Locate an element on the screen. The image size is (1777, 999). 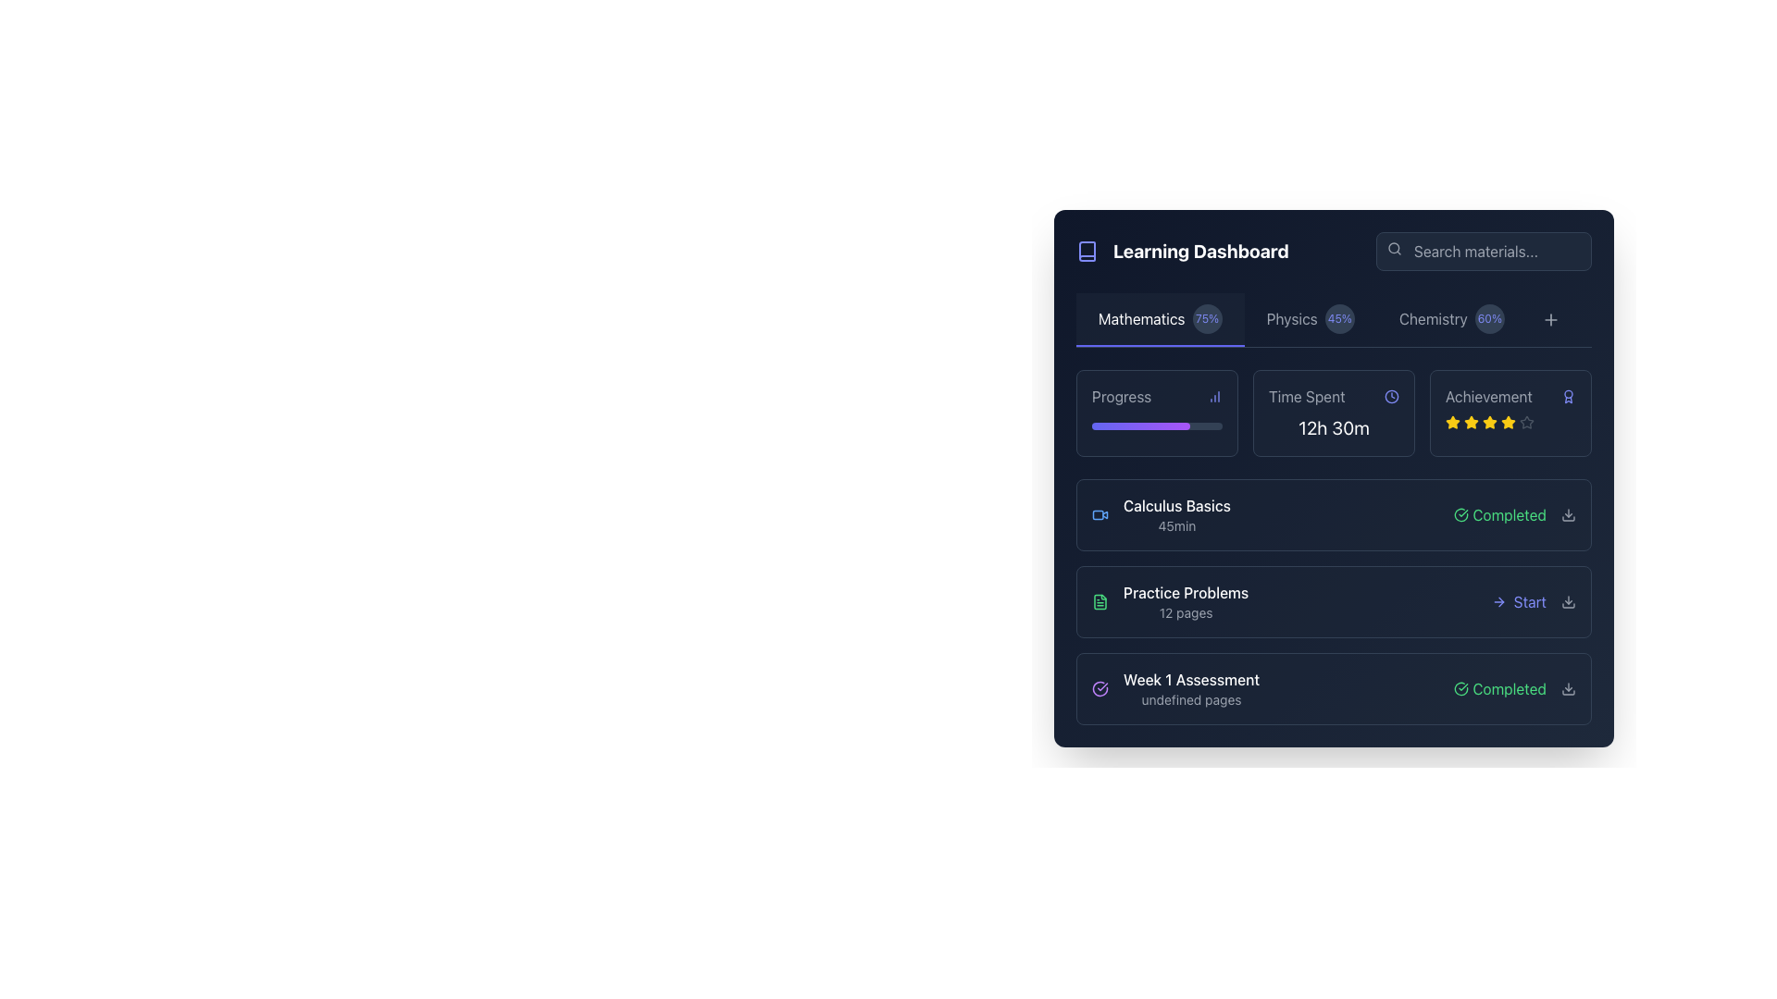
the fourth star icon in the Achievement section of the Learning Dashboard, which serves as a visual indicator for an achievement or rating is located at coordinates (1451, 422).